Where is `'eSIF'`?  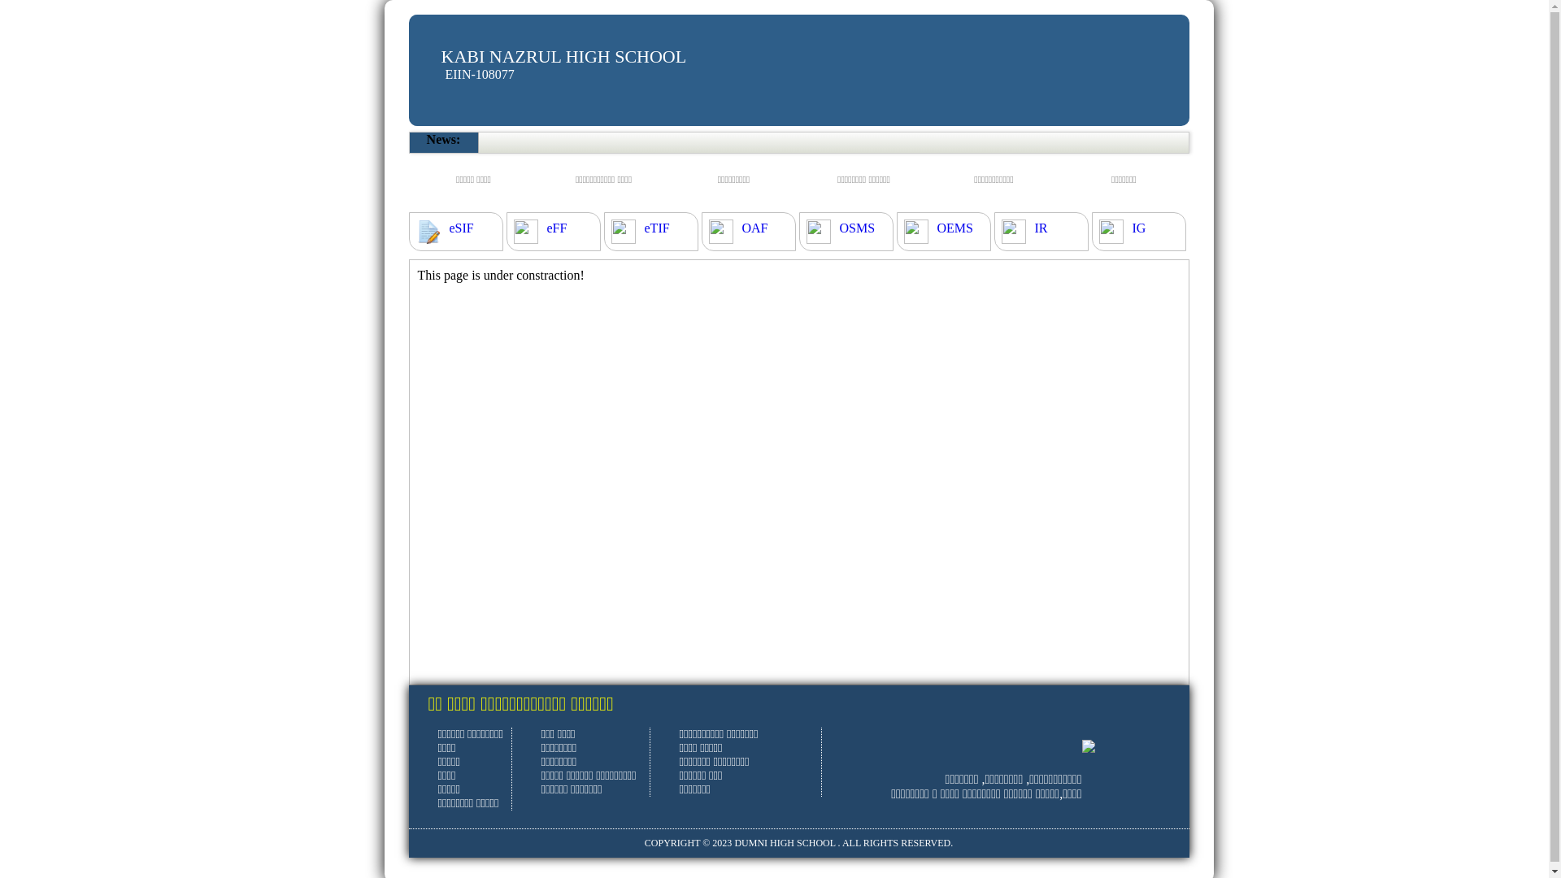
'eSIF' is located at coordinates (449, 228).